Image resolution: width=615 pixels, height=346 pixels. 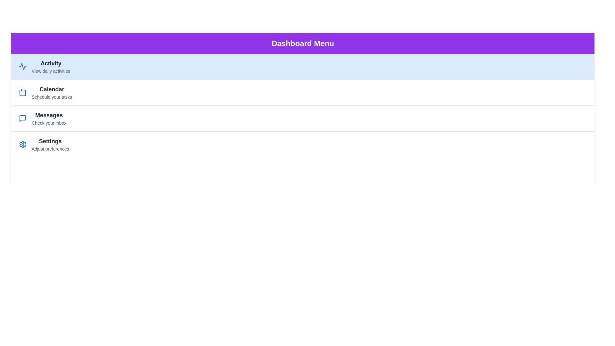 What do you see at coordinates (302, 43) in the screenshot?
I see `the header text 'Dashboard Menu'` at bounding box center [302, 43].